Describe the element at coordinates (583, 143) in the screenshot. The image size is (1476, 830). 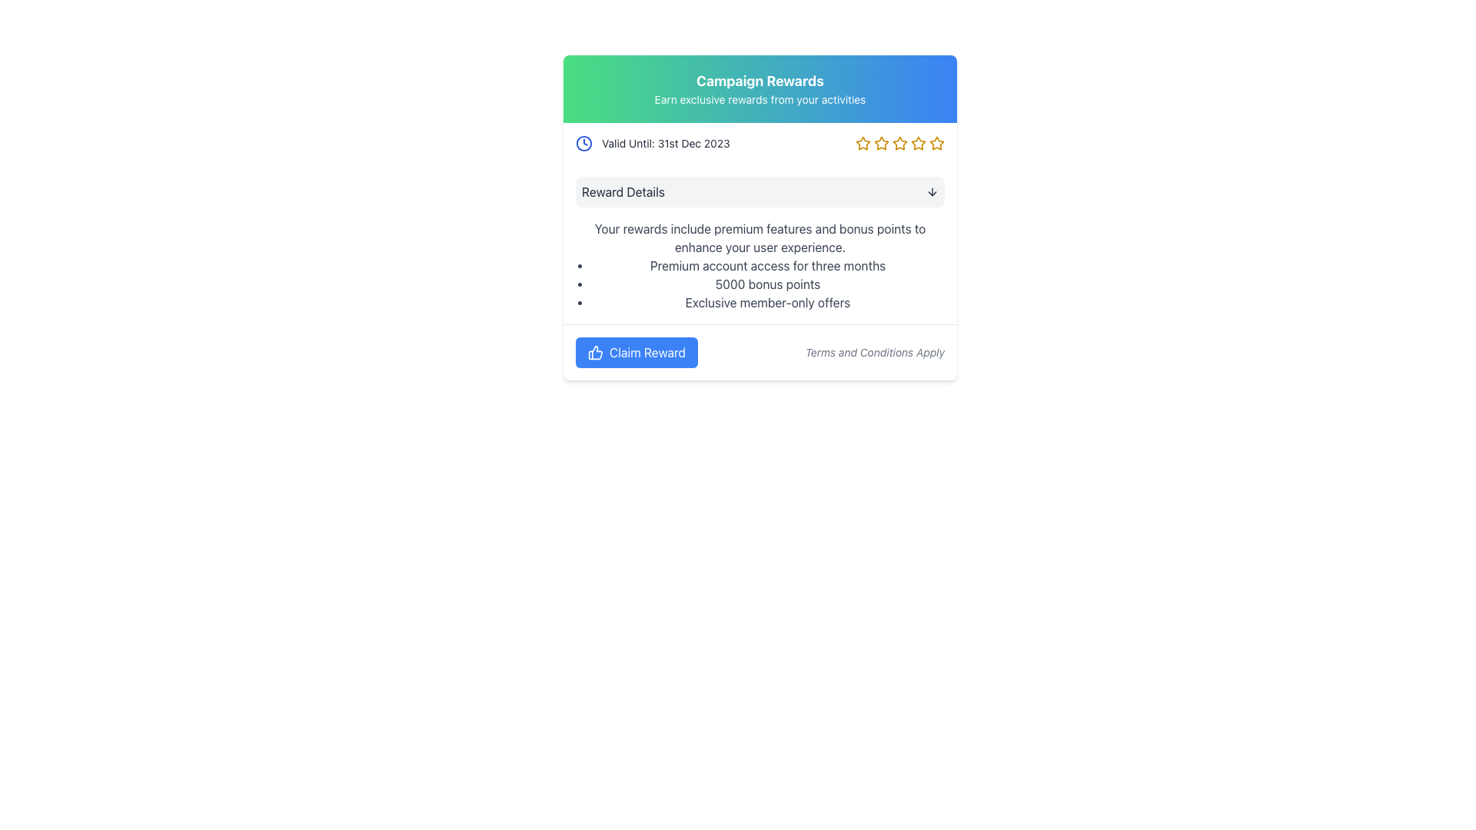
I see `keyboard navigation` at that location.